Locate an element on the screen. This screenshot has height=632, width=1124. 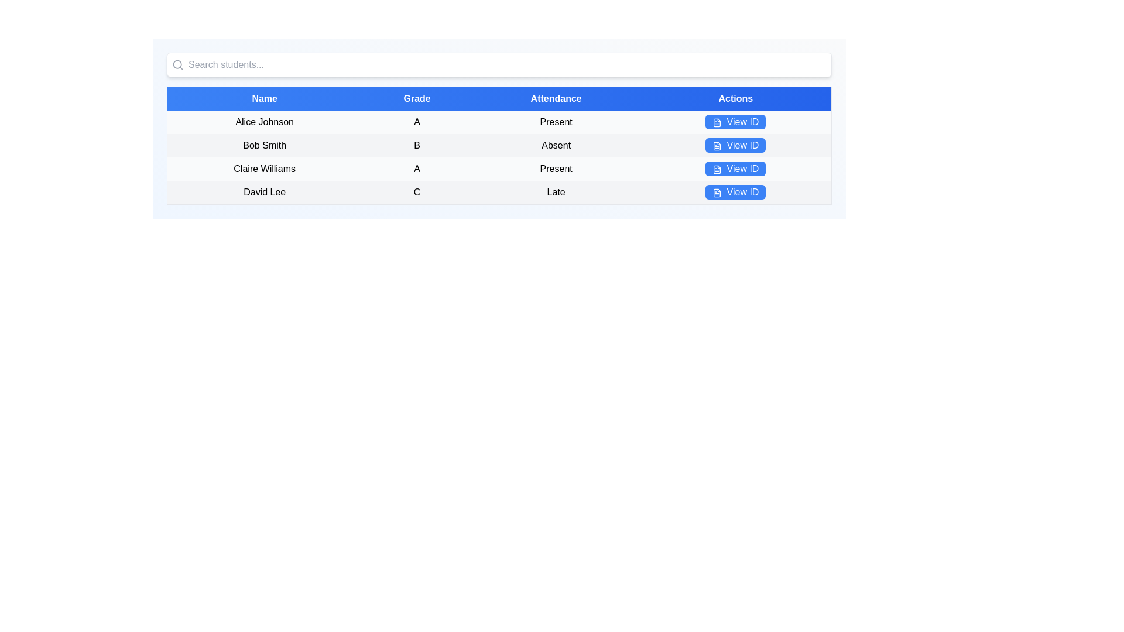
the blue button labeled 'View ID' with a file-like icon is located at coordinates (735, 122).